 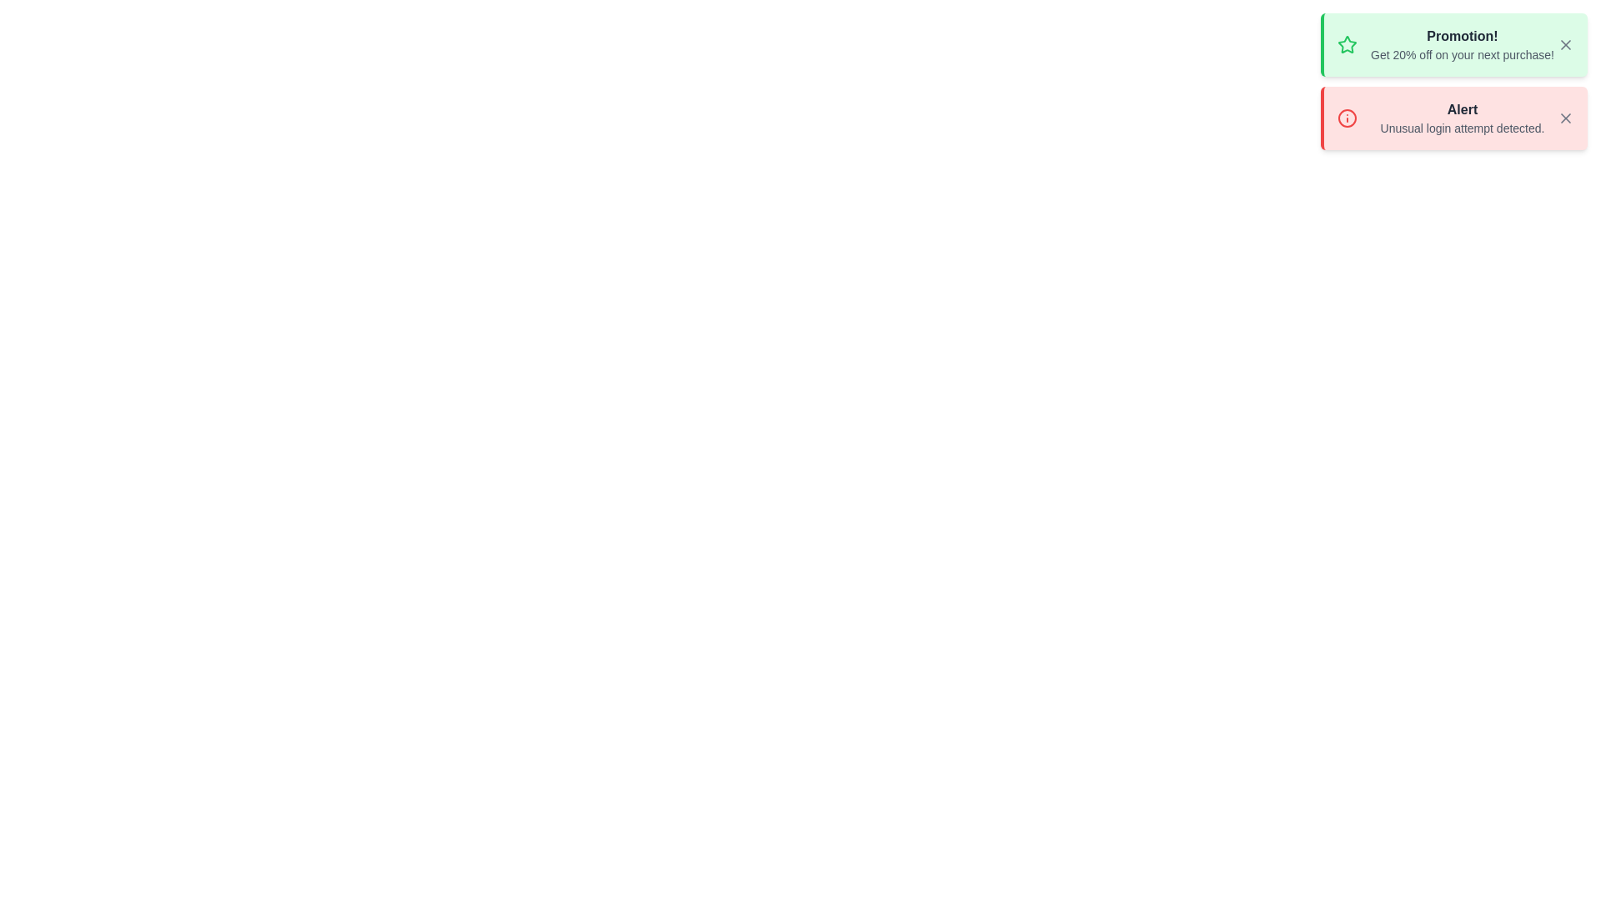 I want to click on static text informing the user about a detected unusual login attempt located within the 'Alert' notification element, positioned below the title text 'Alert', so click(x=1461, y=128).